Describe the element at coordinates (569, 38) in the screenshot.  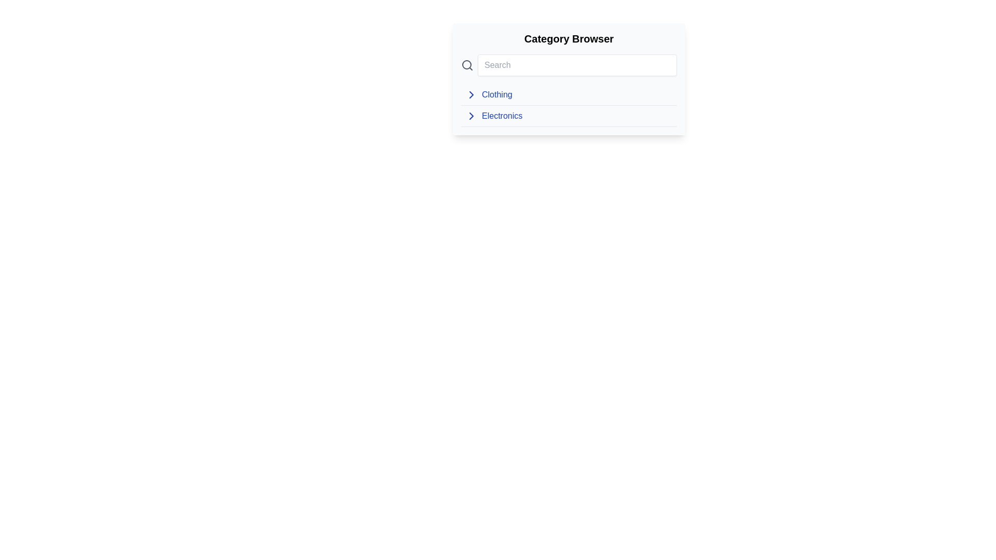
I see `the bold and large heading text displaying 'Category Browser' which is aligned left at the top of the interface panel` at that location.